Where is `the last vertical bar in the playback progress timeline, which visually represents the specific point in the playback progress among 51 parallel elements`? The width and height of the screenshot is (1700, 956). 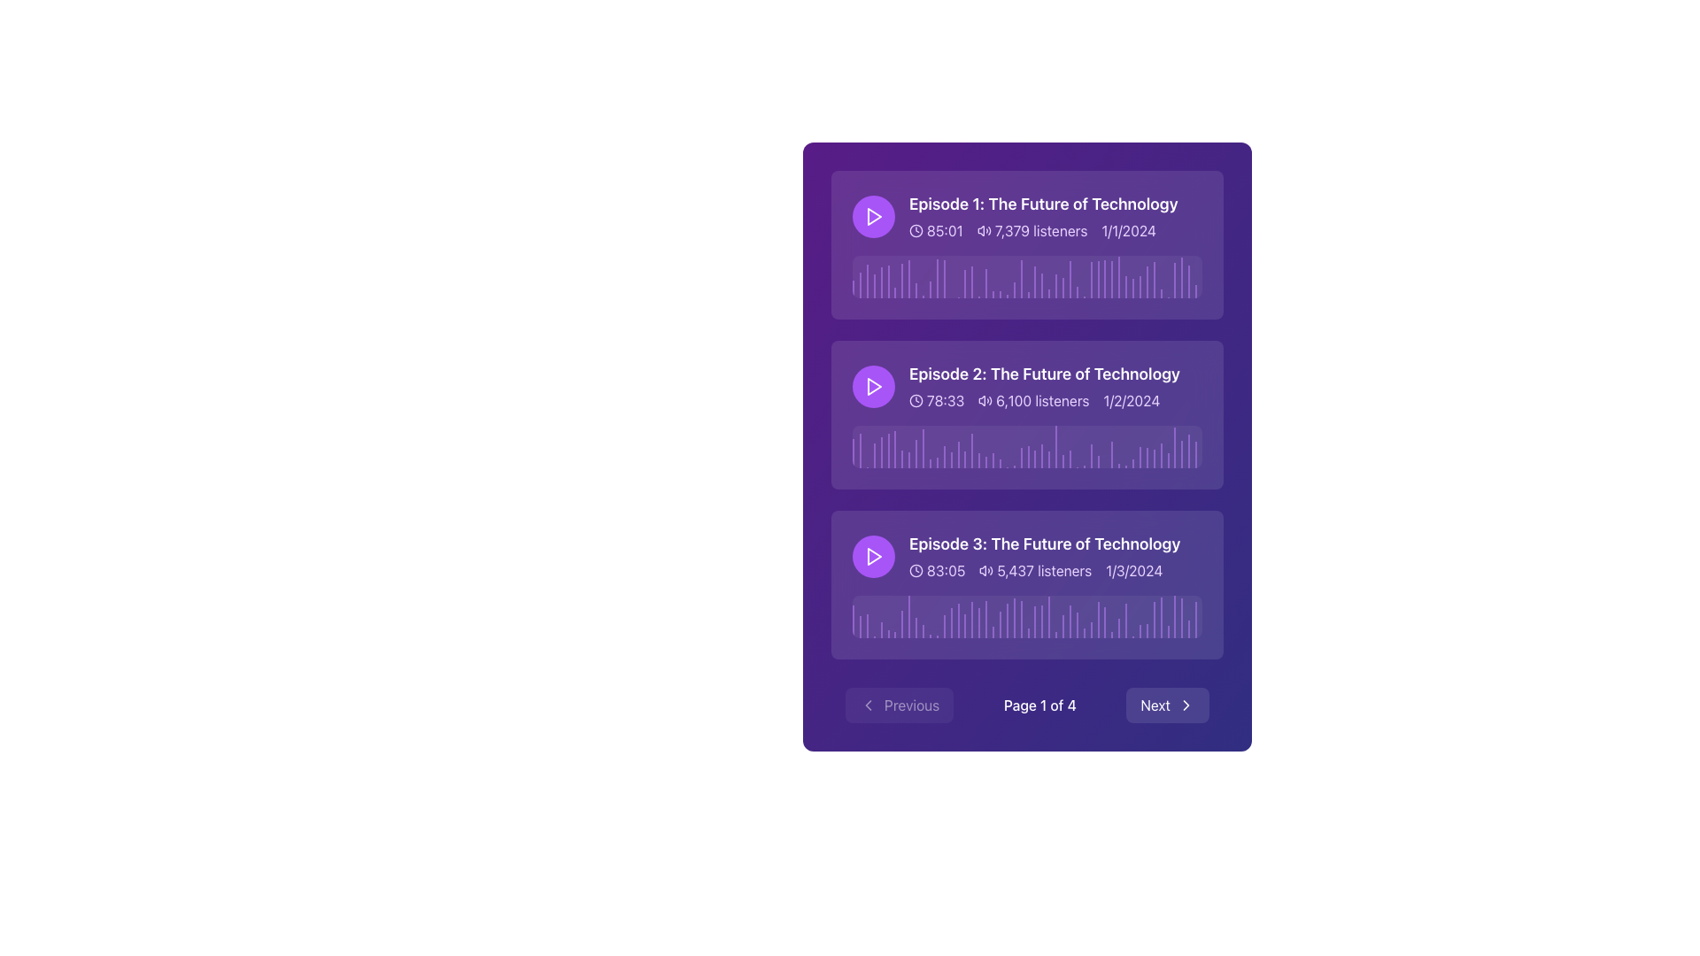
the last vertical bar in the playback progress timeline, which visually represents the specific point in the playback progress among 51 parallel elements is located at coordinates (1189, 451).